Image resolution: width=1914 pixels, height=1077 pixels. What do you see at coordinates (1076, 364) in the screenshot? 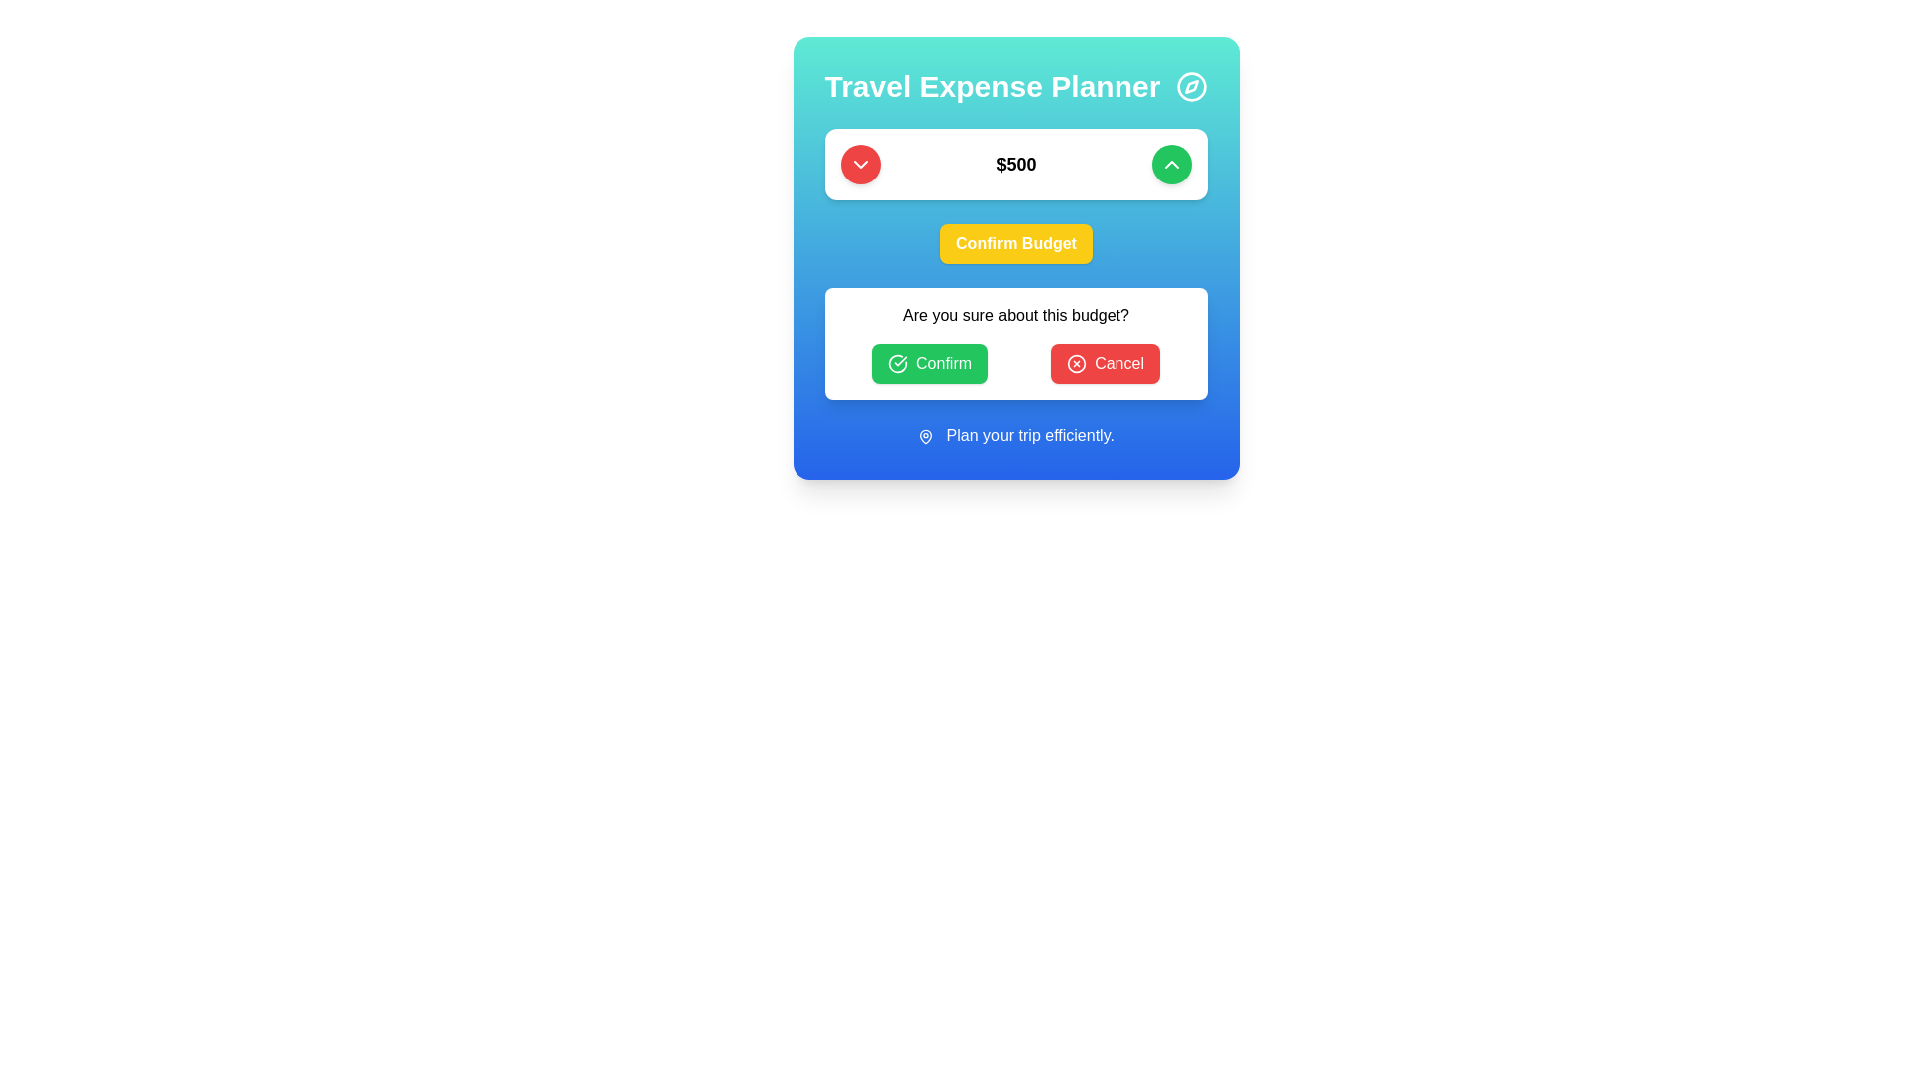
I see `the red circular icon located to the left within the red 'Cancel' button in the confirmation dialogue box` at bounding box center [1076, 364].